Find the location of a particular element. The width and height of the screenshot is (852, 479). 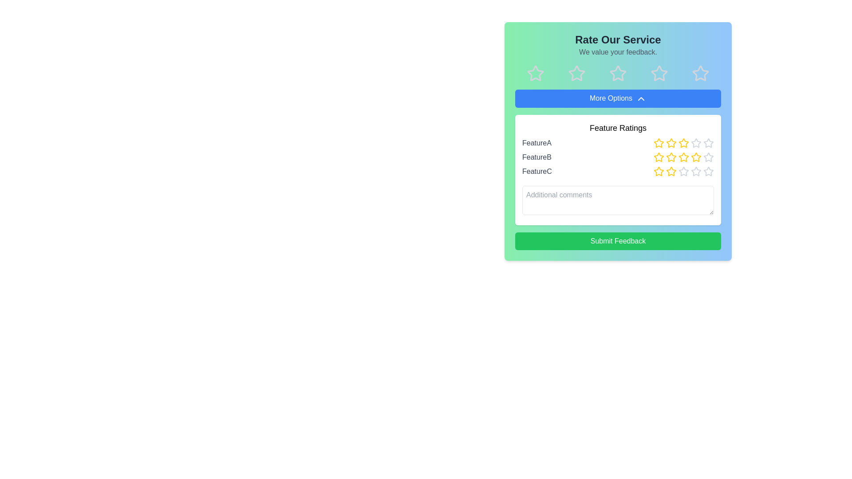

the second star-shaped icon from the left, which has a hollow design and a light gray outline, located in a horizontal row of five stars below the heading 'Rate Our Service' is located at coordinates (577, 73).